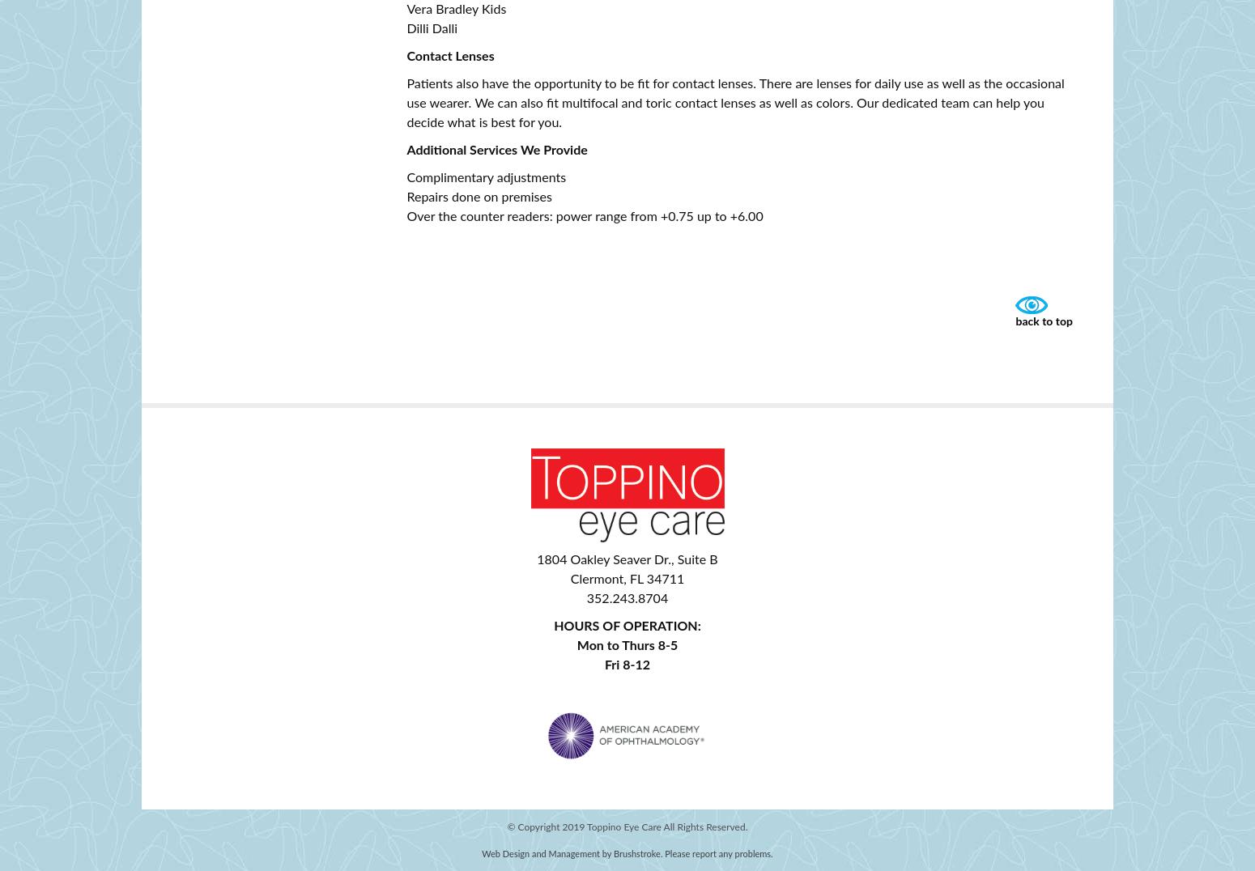 The width and height of the screenshot is (1255, 871). I want to click on 'Vera Bradley Kids', so click(456, 9).